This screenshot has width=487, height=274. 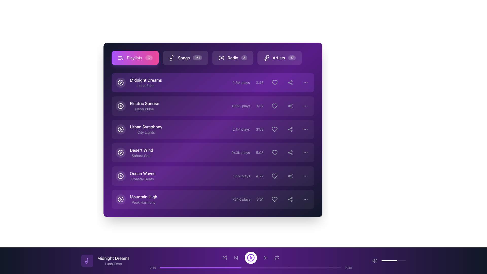 What do you see at coordinates (290, 199) in the screenshot?
I see `the share button located to the right of the heart icon in the track entry for 'Mountain High'` at bounding box center [290, 199].